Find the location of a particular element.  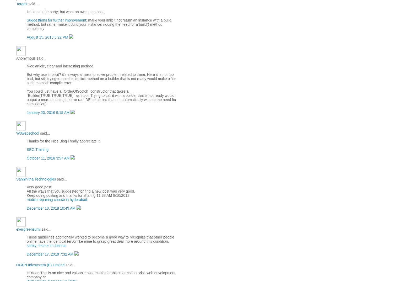

'safety course in chennai' is located at coordinates (46, 245).